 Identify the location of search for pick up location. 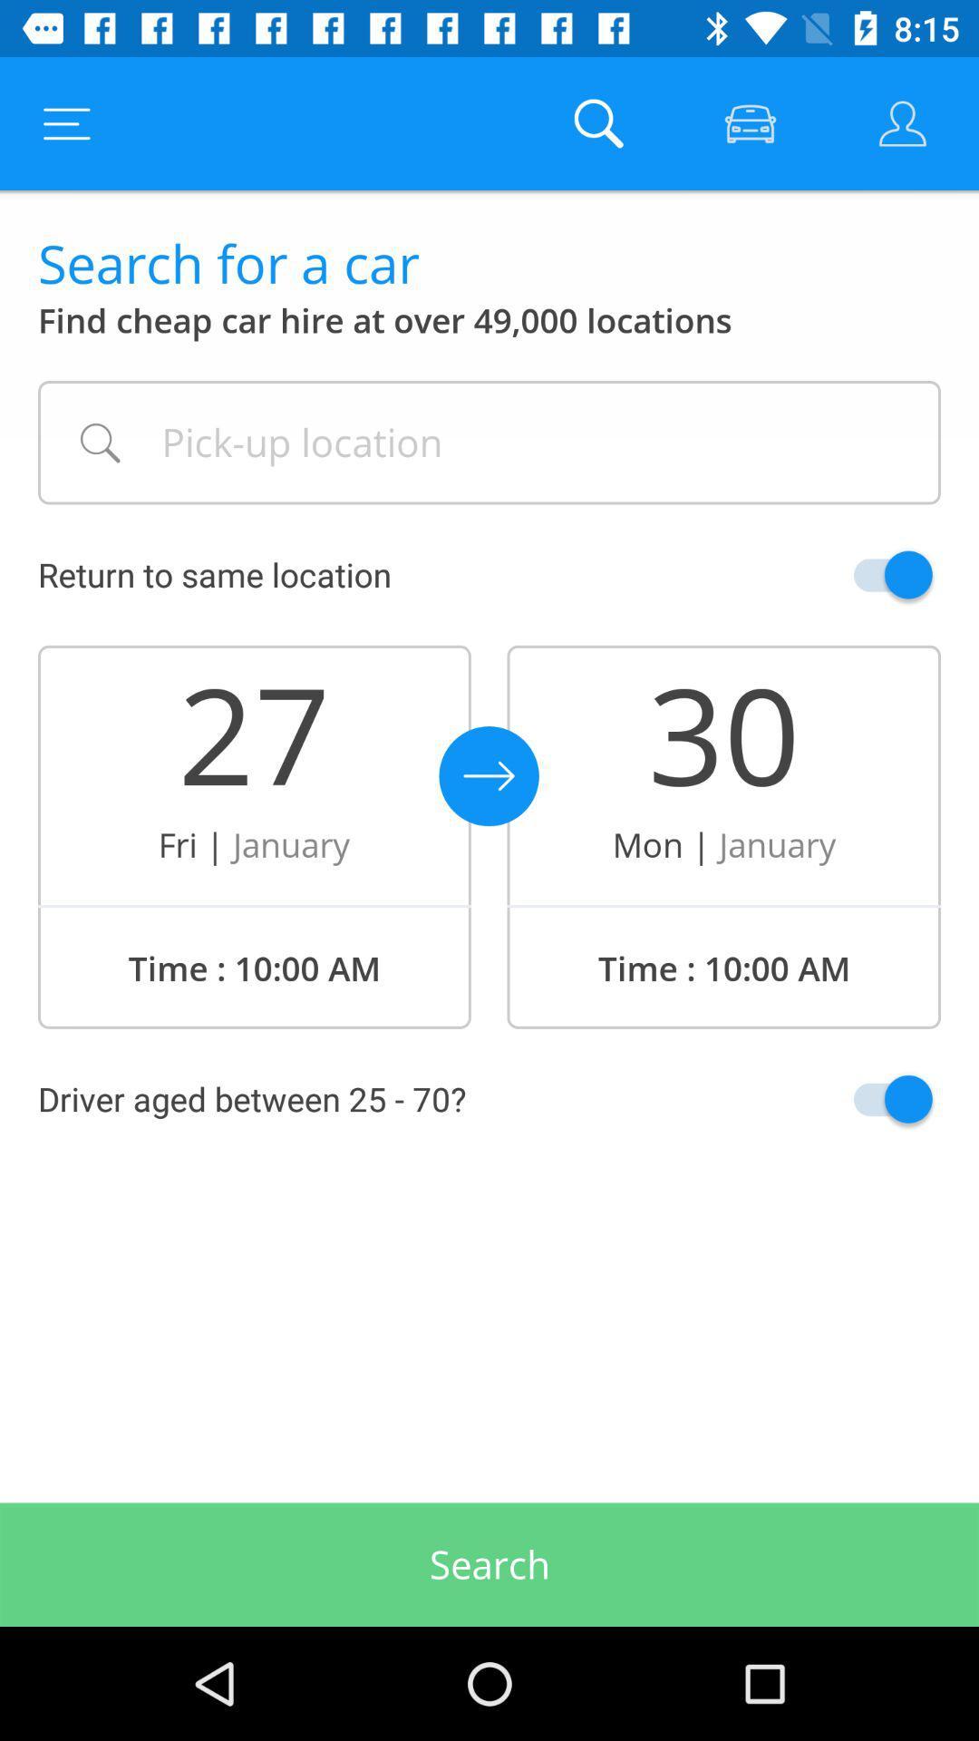
(489, 443).